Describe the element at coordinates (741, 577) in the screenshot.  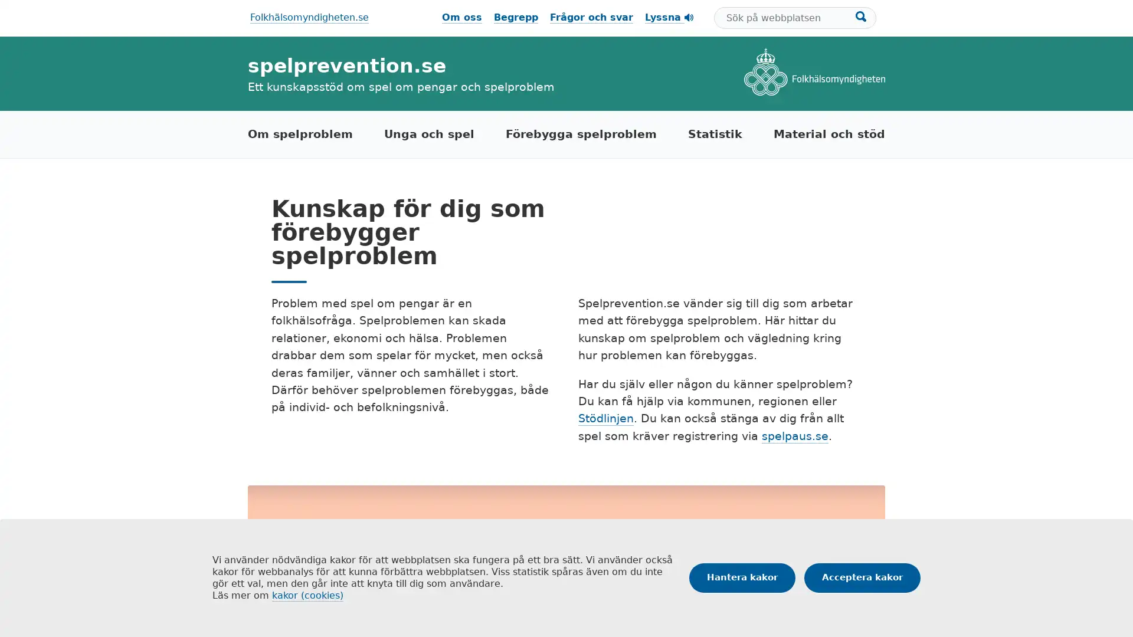
I see `Hantera kakor` at that location.